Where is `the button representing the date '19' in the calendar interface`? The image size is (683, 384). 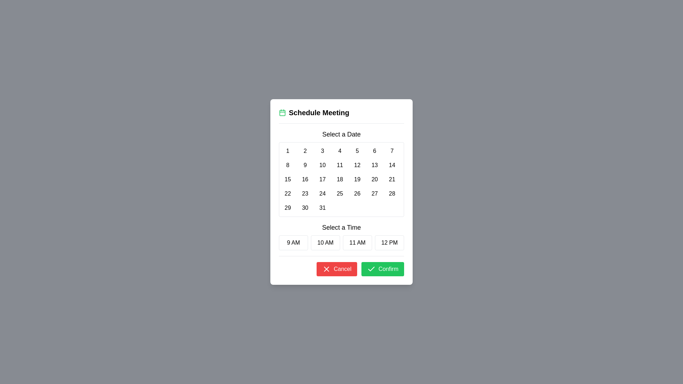 the button representing the date '19' in the calendar interface is located at coordinates (357, 179).